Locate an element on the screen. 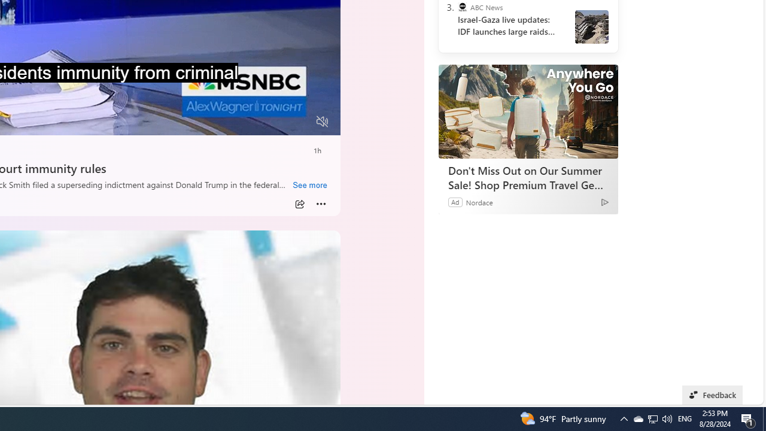 The height and width of the screenshot is (431, 766). 'Unmute' is located at coordinates (322, 122).